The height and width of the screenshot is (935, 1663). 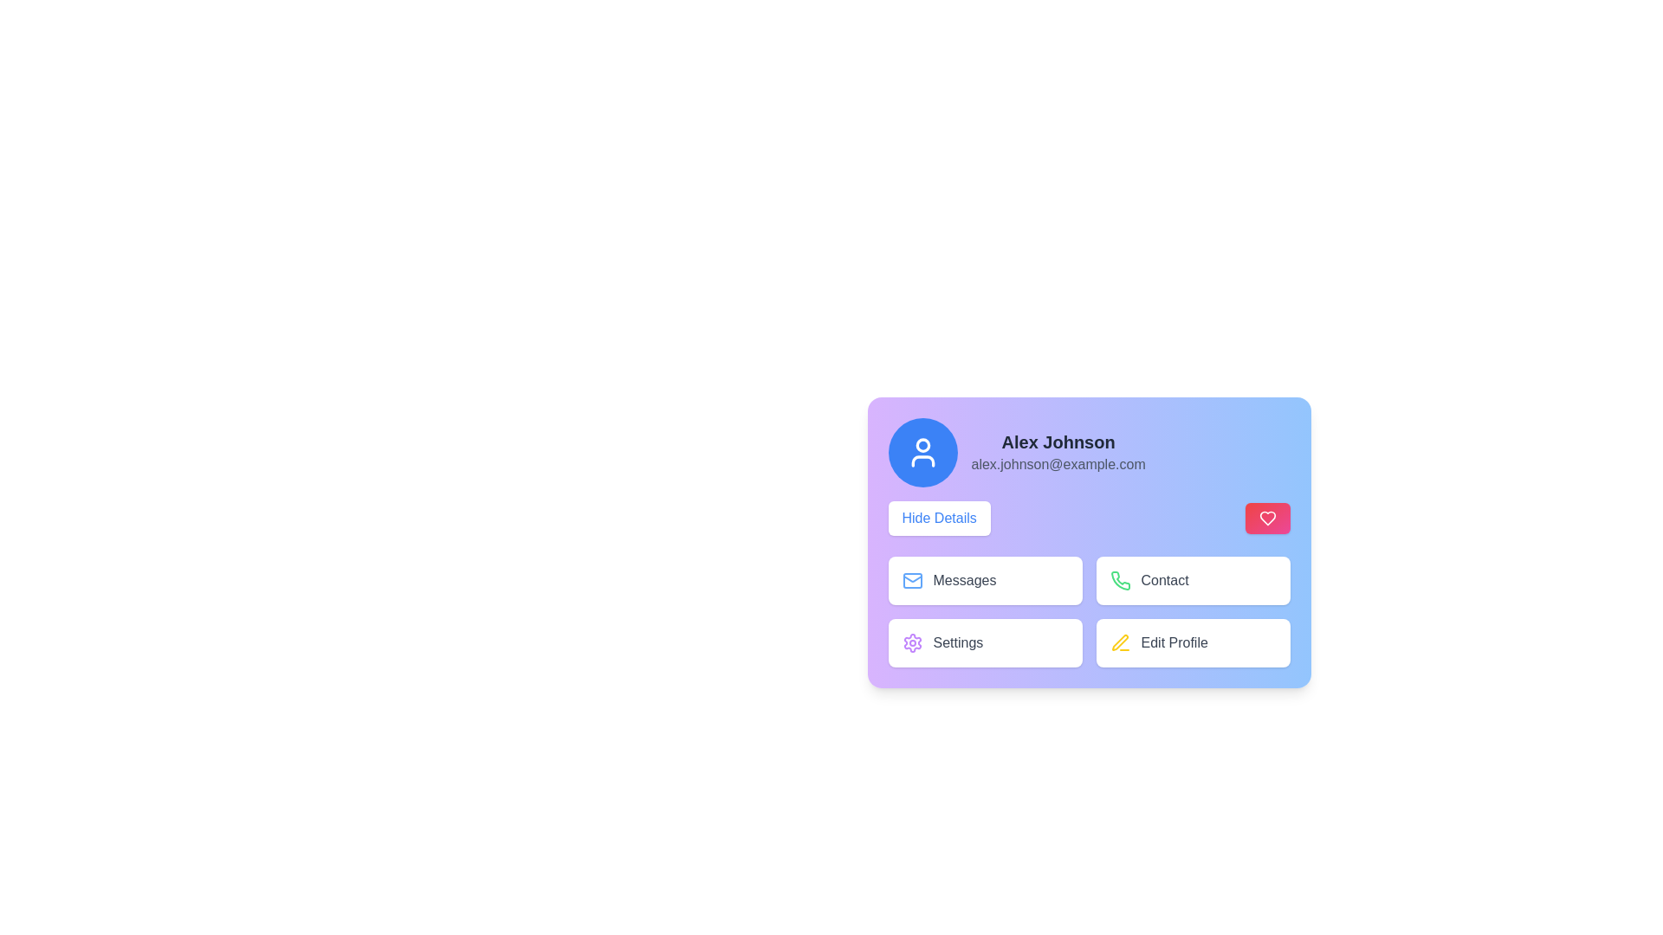 What do you see at coordinates (1088, 452) in the screenshot?
I see `the user's name in the Information display panel, which is located at the top central position of the card layout with a gradient blue-to-purple background` at bounding box center [1088, 452].